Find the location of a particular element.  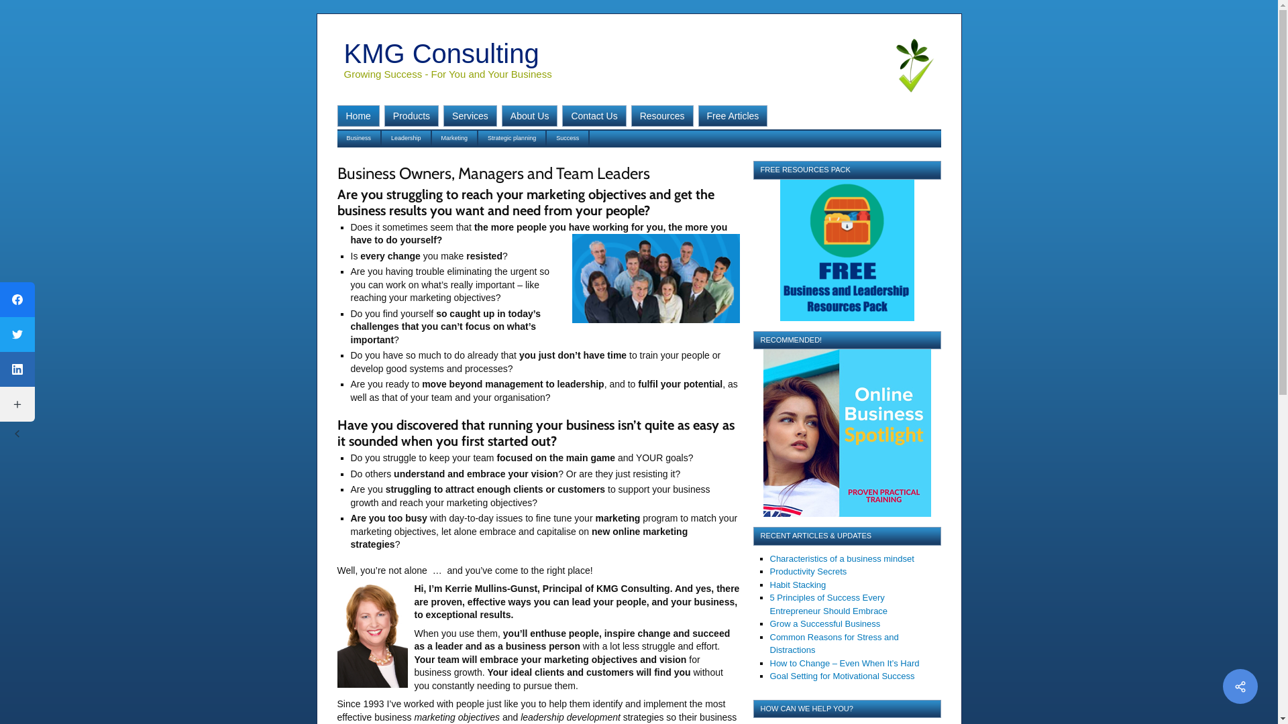

'Products' is located at coordinates (383, 115).